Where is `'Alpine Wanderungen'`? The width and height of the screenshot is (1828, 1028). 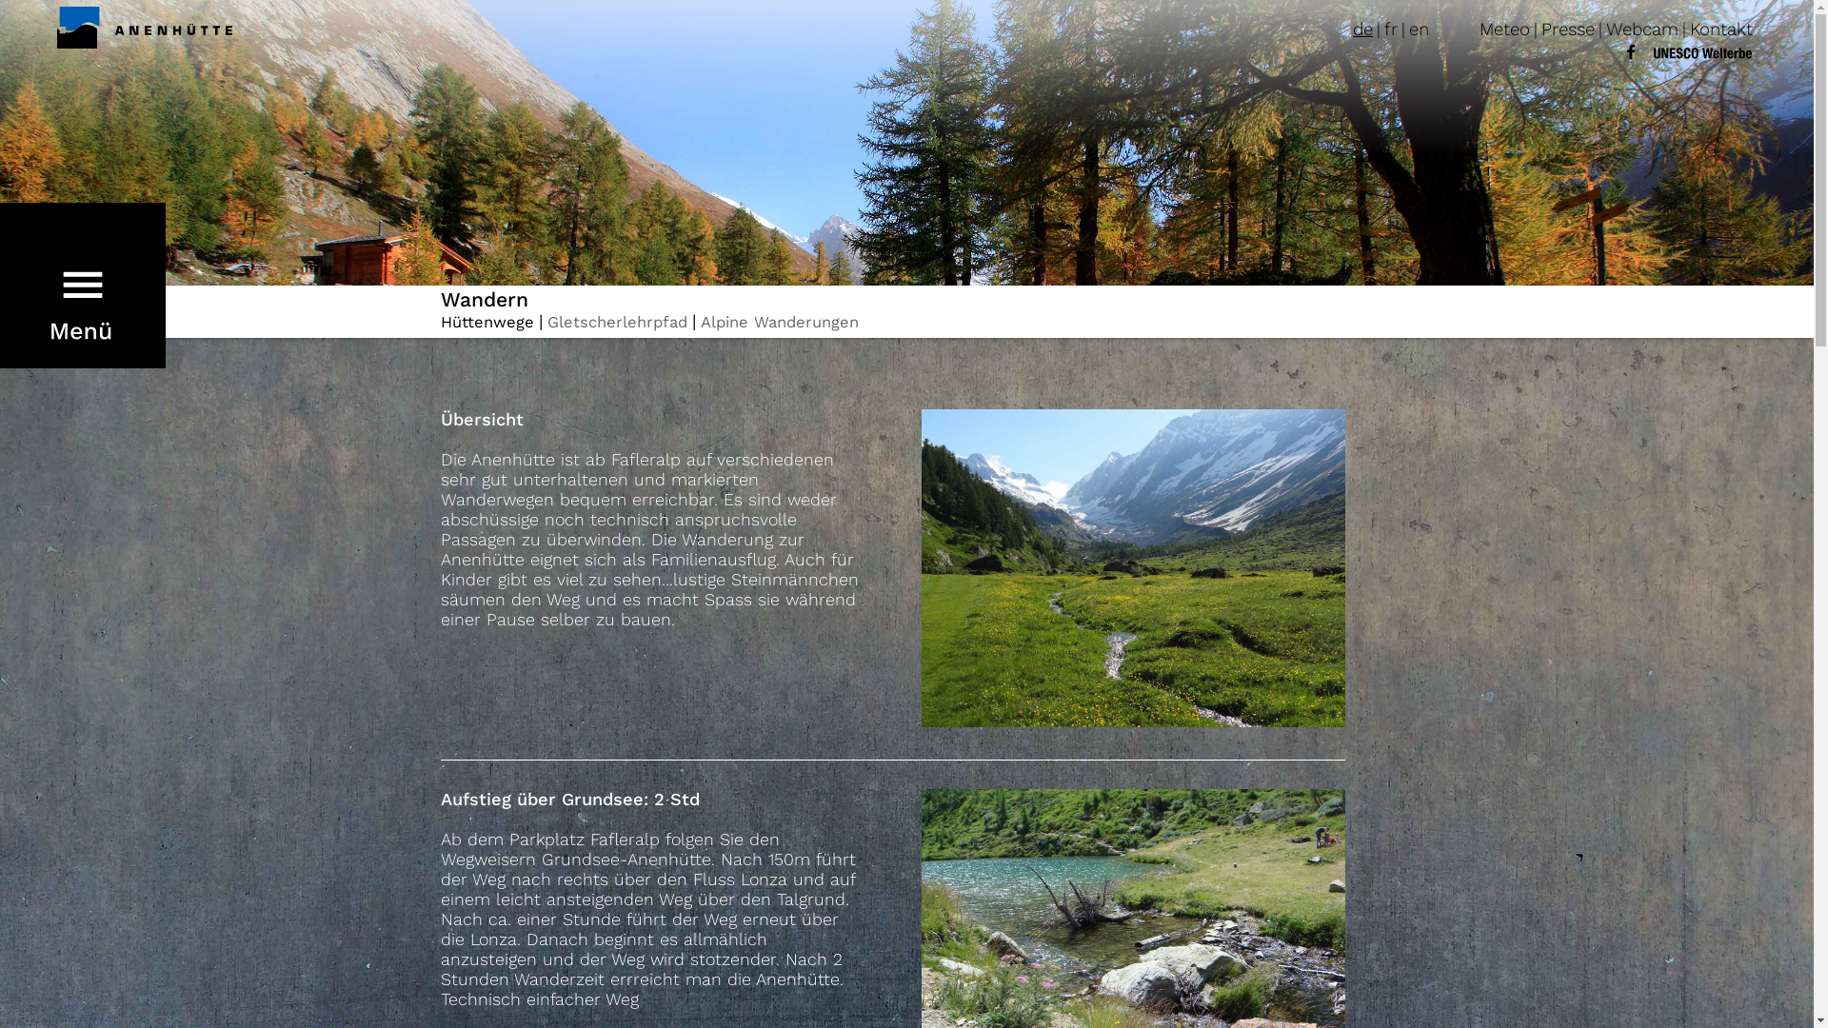
'Alpine Wanderungen' is located at coordinates (780, 321).